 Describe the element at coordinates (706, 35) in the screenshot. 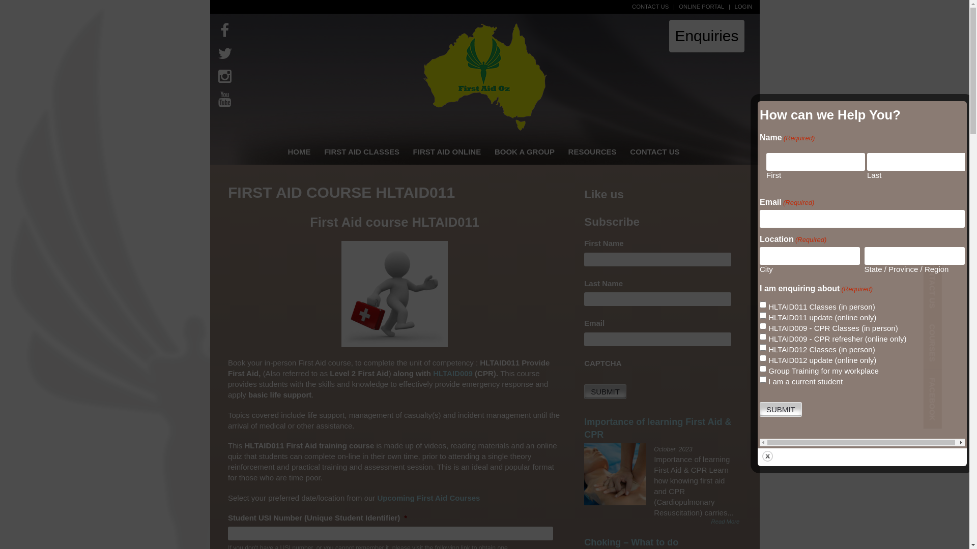

I see `'Enquiries'` at that location.